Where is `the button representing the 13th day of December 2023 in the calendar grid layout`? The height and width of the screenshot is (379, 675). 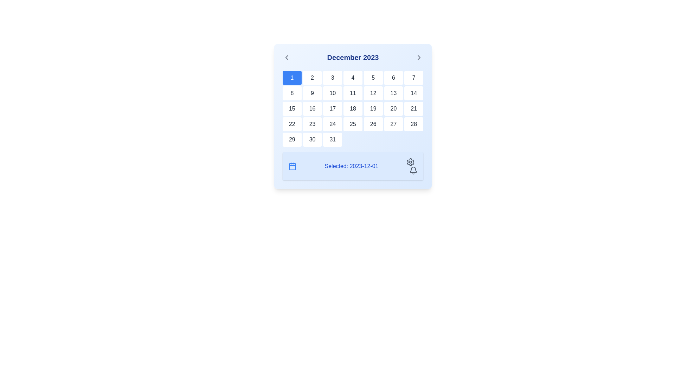 the button representing the 13th day of December 2023 in the calendar grid layout is located at coordinates (393, 93).